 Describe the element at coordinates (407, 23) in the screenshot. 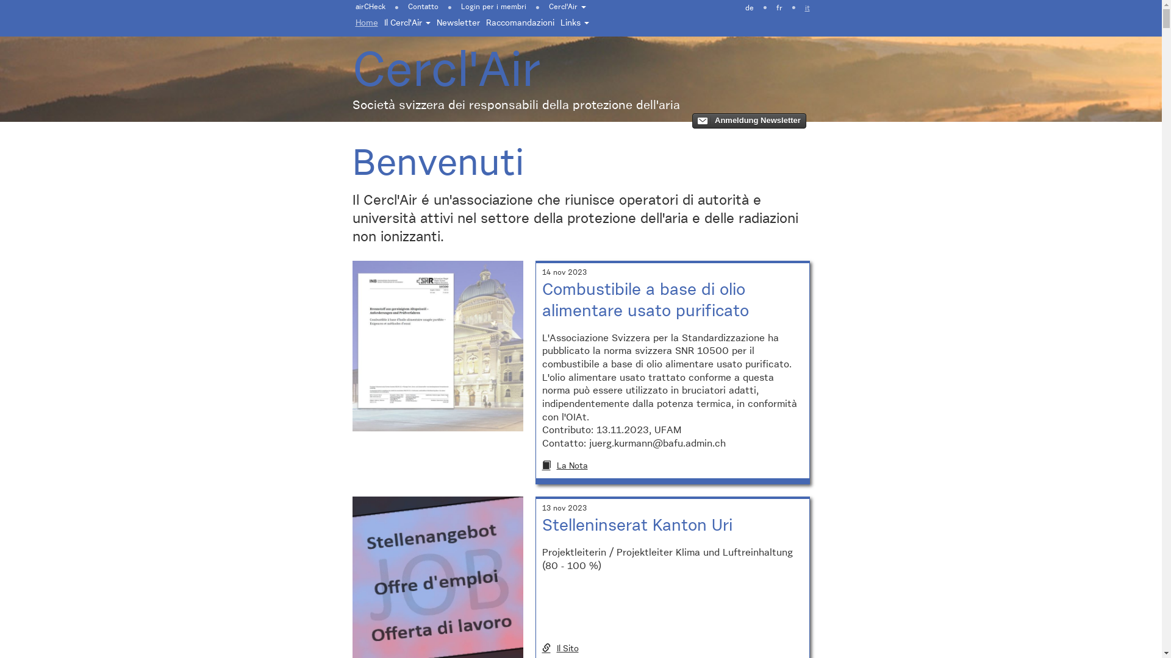

I see `'Il Cercl'Air'` at that location.